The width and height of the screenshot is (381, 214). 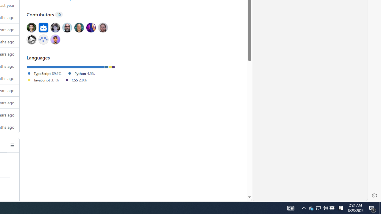 What do you see at coordinates (55, 39) in the screenshot?
I see `'@web3Gurung'` at bounding box center [55, 39].